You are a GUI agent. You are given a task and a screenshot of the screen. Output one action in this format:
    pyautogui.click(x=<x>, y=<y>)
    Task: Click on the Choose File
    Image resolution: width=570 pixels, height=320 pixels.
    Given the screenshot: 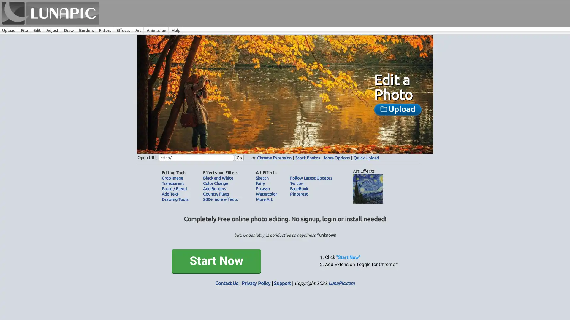 What is the action you would take?
    pyautogui.click(x=347, y=116)
    